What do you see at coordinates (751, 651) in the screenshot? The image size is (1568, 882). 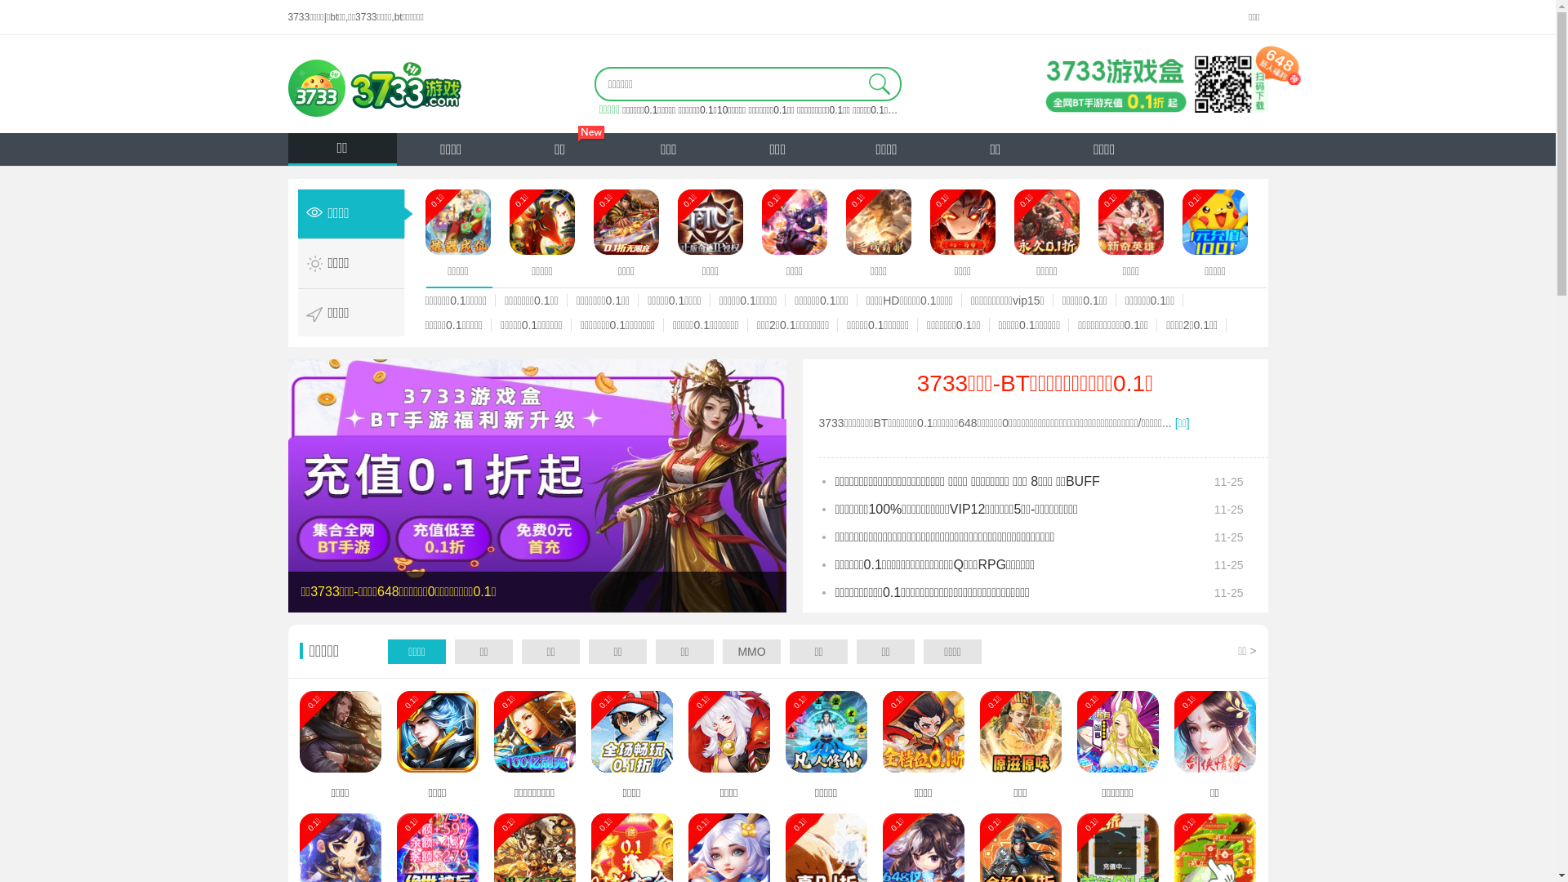 I see `'MMO'` at bounding box center [751, 651].